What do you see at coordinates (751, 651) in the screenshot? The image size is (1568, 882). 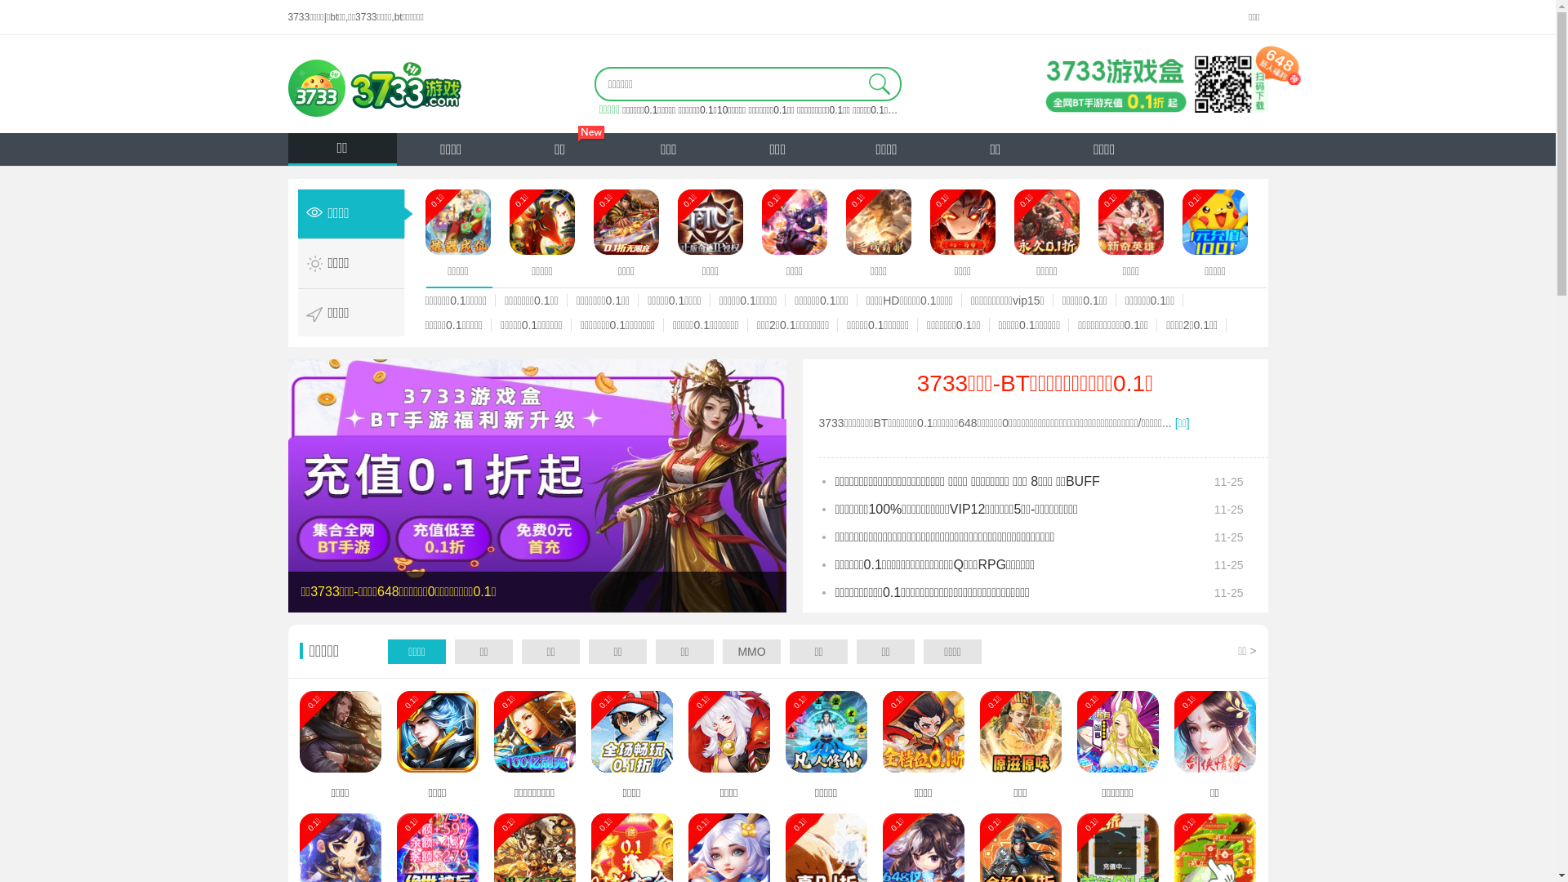 I see `'MMO'` at bounding box center [751, 651].